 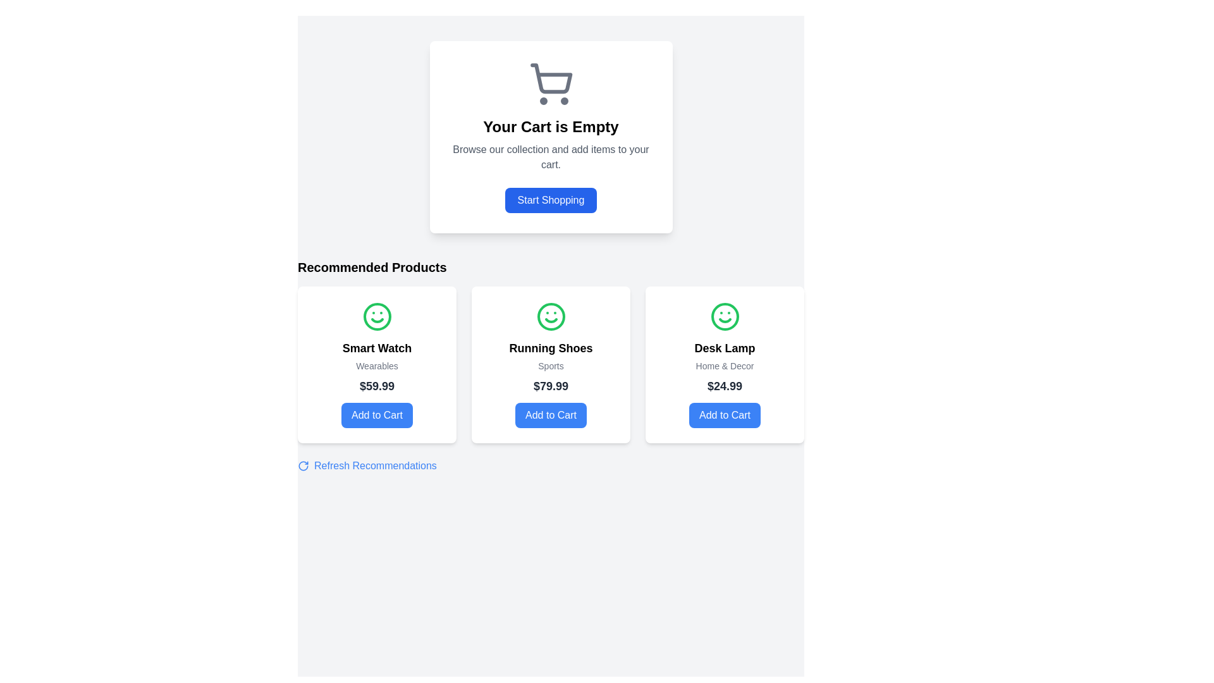 What do you see at coordinates (551, 348) in the screenshot?
I see `the product name text element, 'Running Shoes,' which is located in the central white card of the recommended products section` at bounding box center [551, 348].